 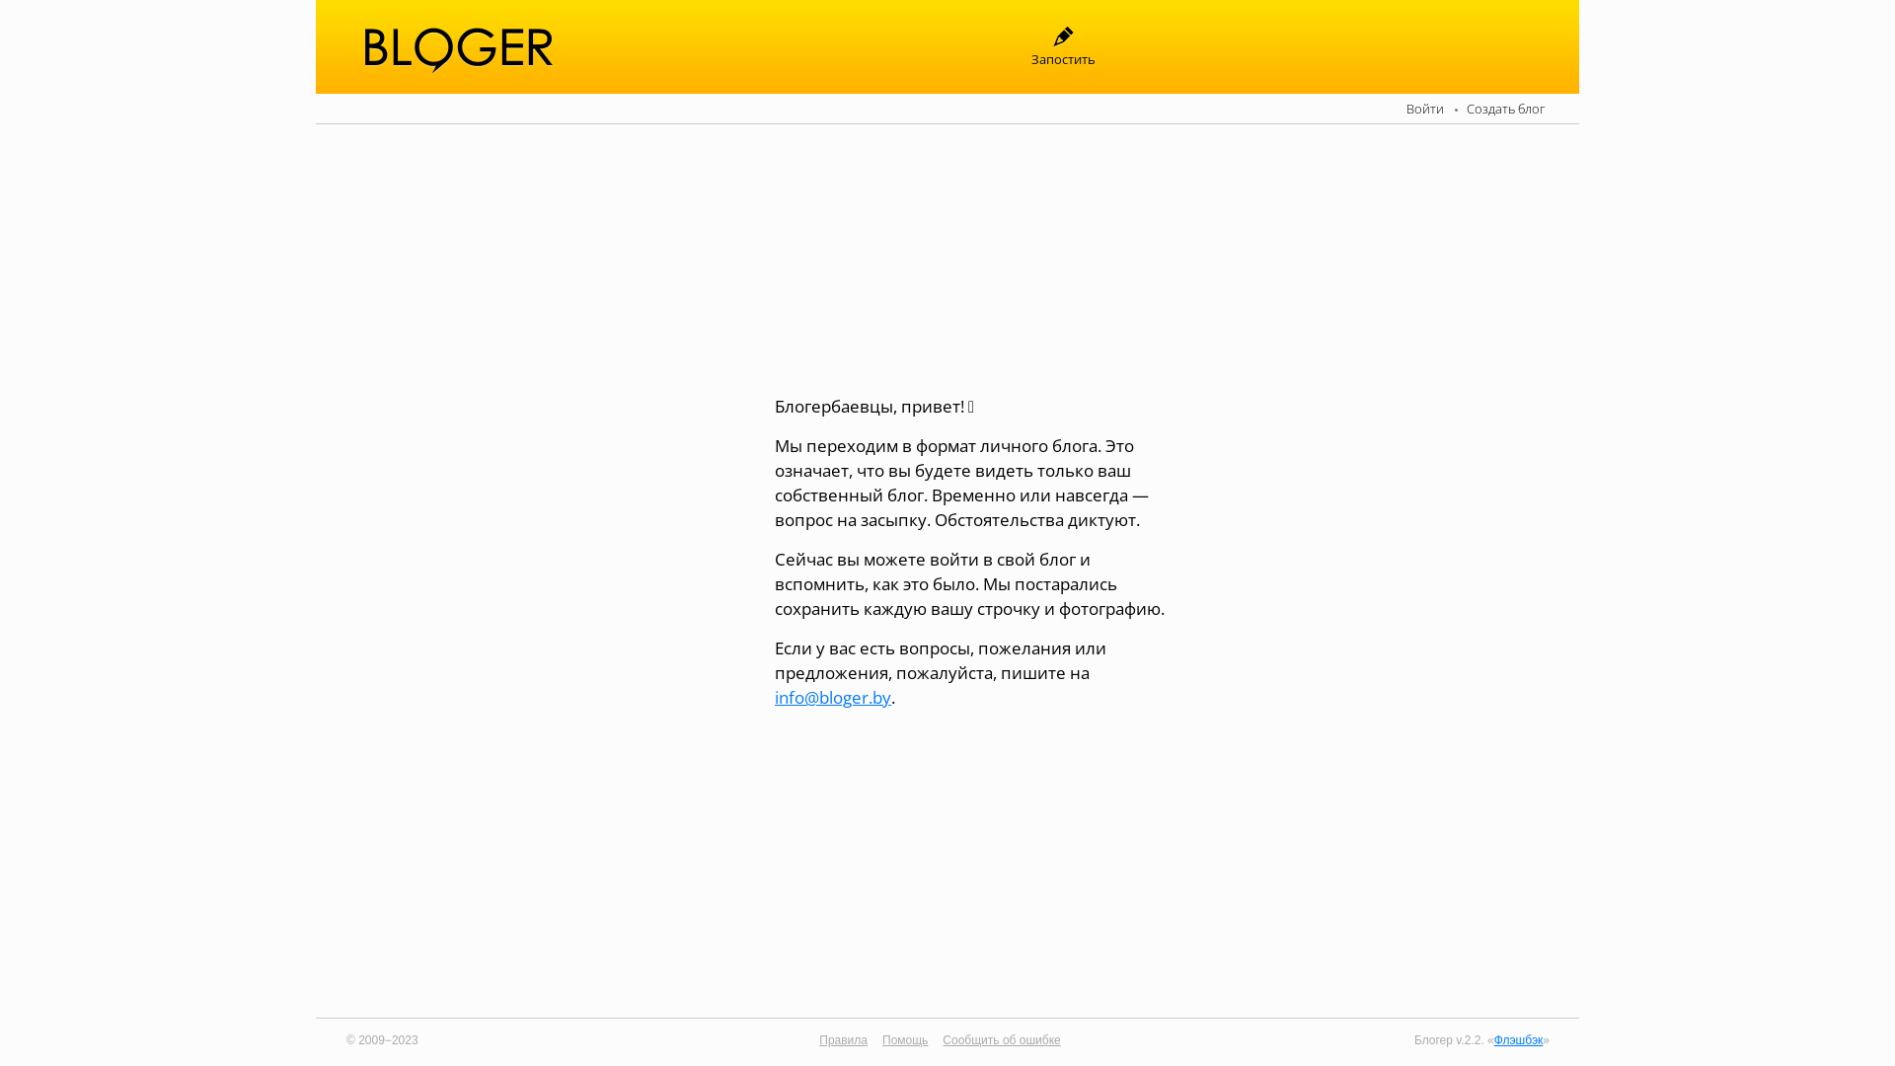 What do you see at coordinates (774, 695) in the screenshot?
I see `'info@bloger.by'` at bounding box center [774, 695].